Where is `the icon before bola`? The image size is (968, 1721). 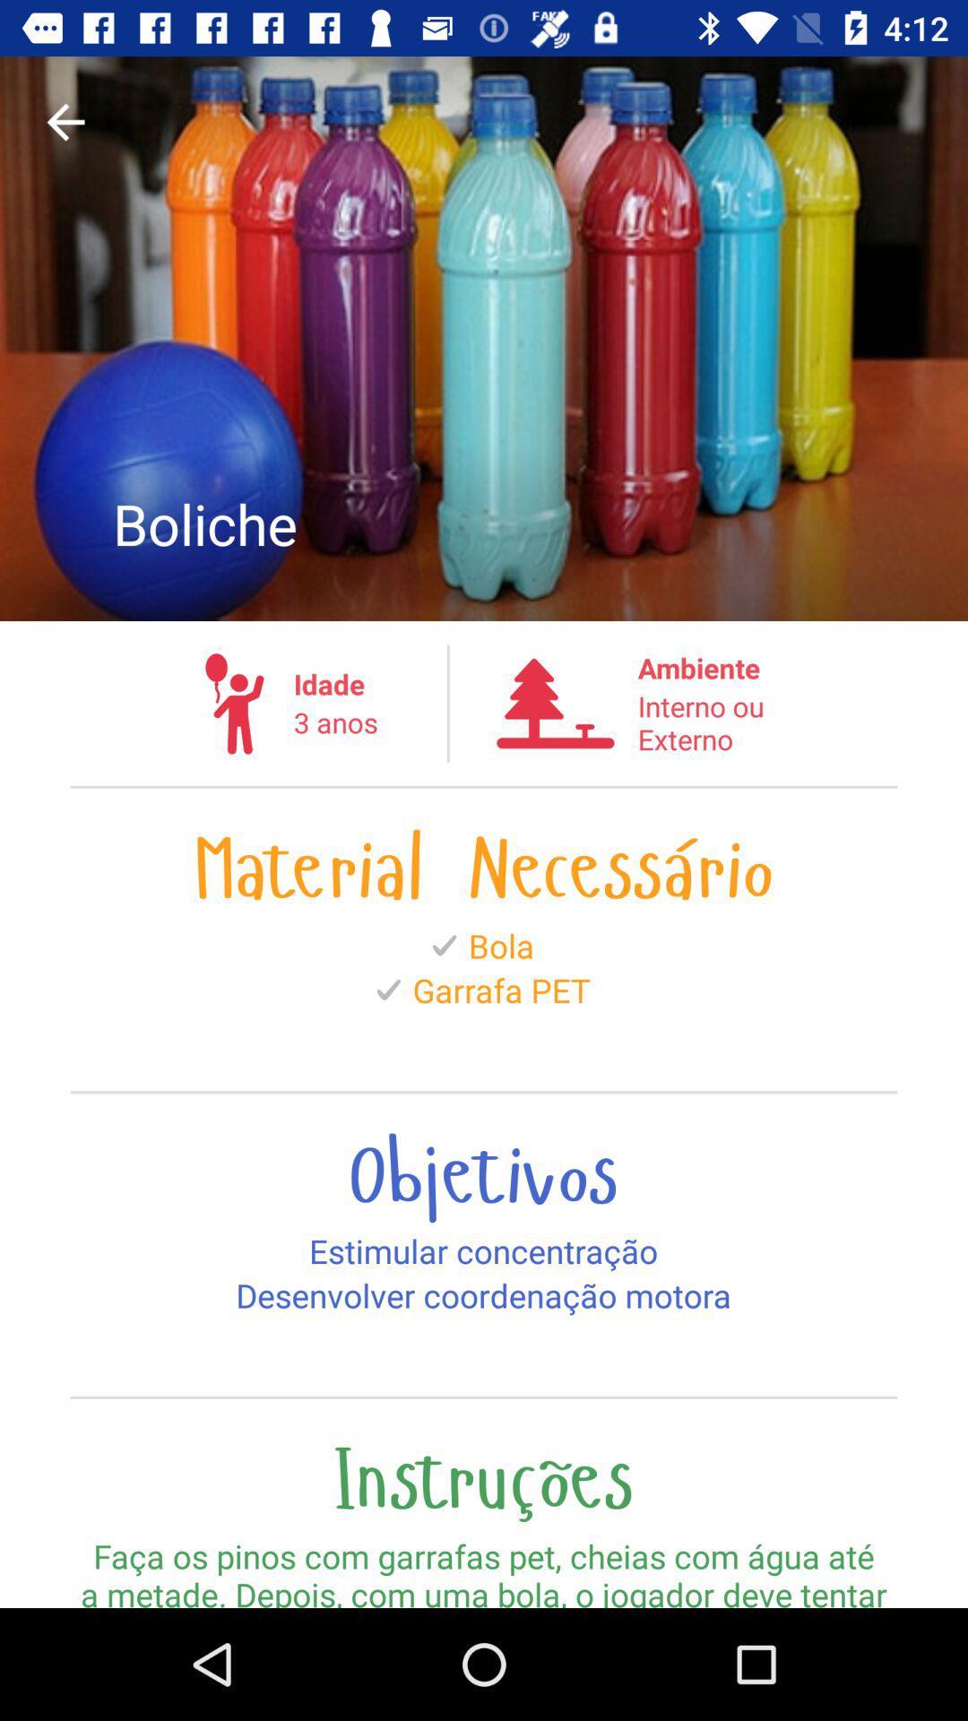
the icon before bola is located at coordinates (444, 945).